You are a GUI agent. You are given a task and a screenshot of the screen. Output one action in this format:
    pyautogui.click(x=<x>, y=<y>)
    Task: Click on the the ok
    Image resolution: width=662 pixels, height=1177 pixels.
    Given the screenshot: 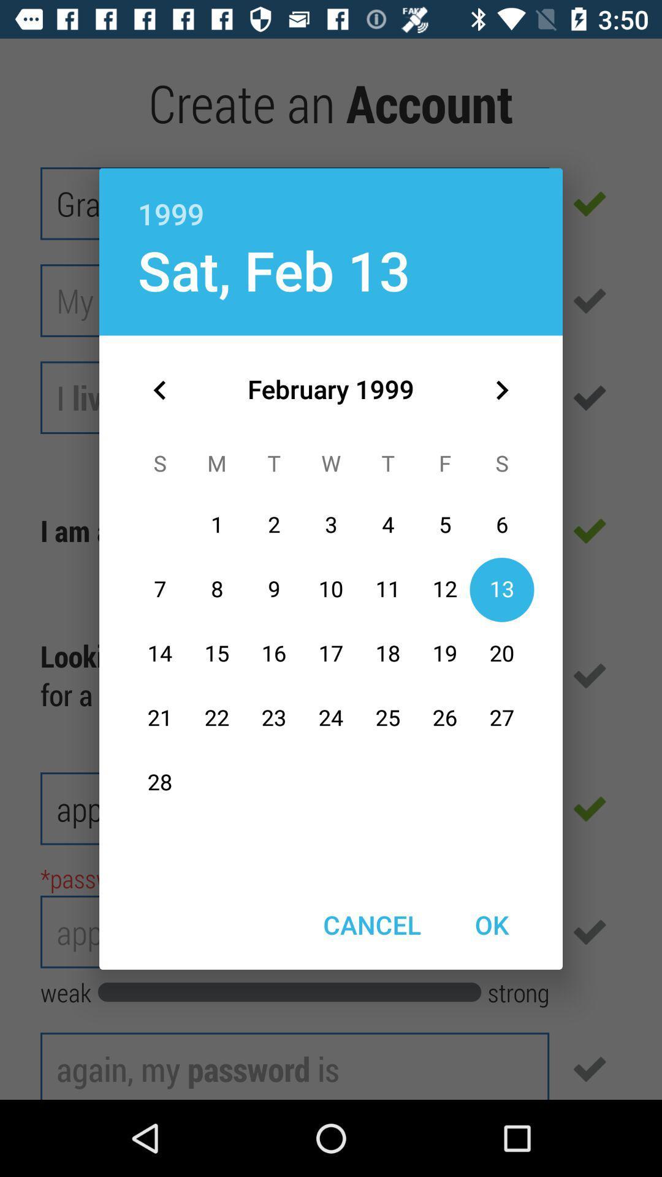 What is the action you would take?
    pyautogui.click(x=491, y=924)
    